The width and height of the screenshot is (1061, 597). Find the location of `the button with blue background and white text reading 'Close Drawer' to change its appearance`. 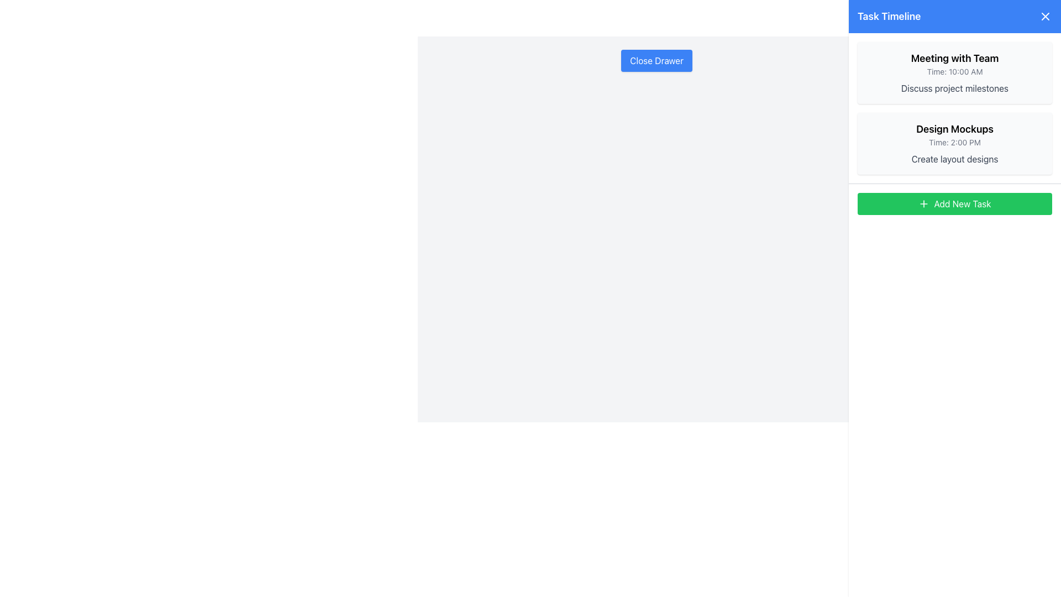

the button with blue background and white text reading 'Close Drawer' to change its appearance is located at coordinates (656, 61).